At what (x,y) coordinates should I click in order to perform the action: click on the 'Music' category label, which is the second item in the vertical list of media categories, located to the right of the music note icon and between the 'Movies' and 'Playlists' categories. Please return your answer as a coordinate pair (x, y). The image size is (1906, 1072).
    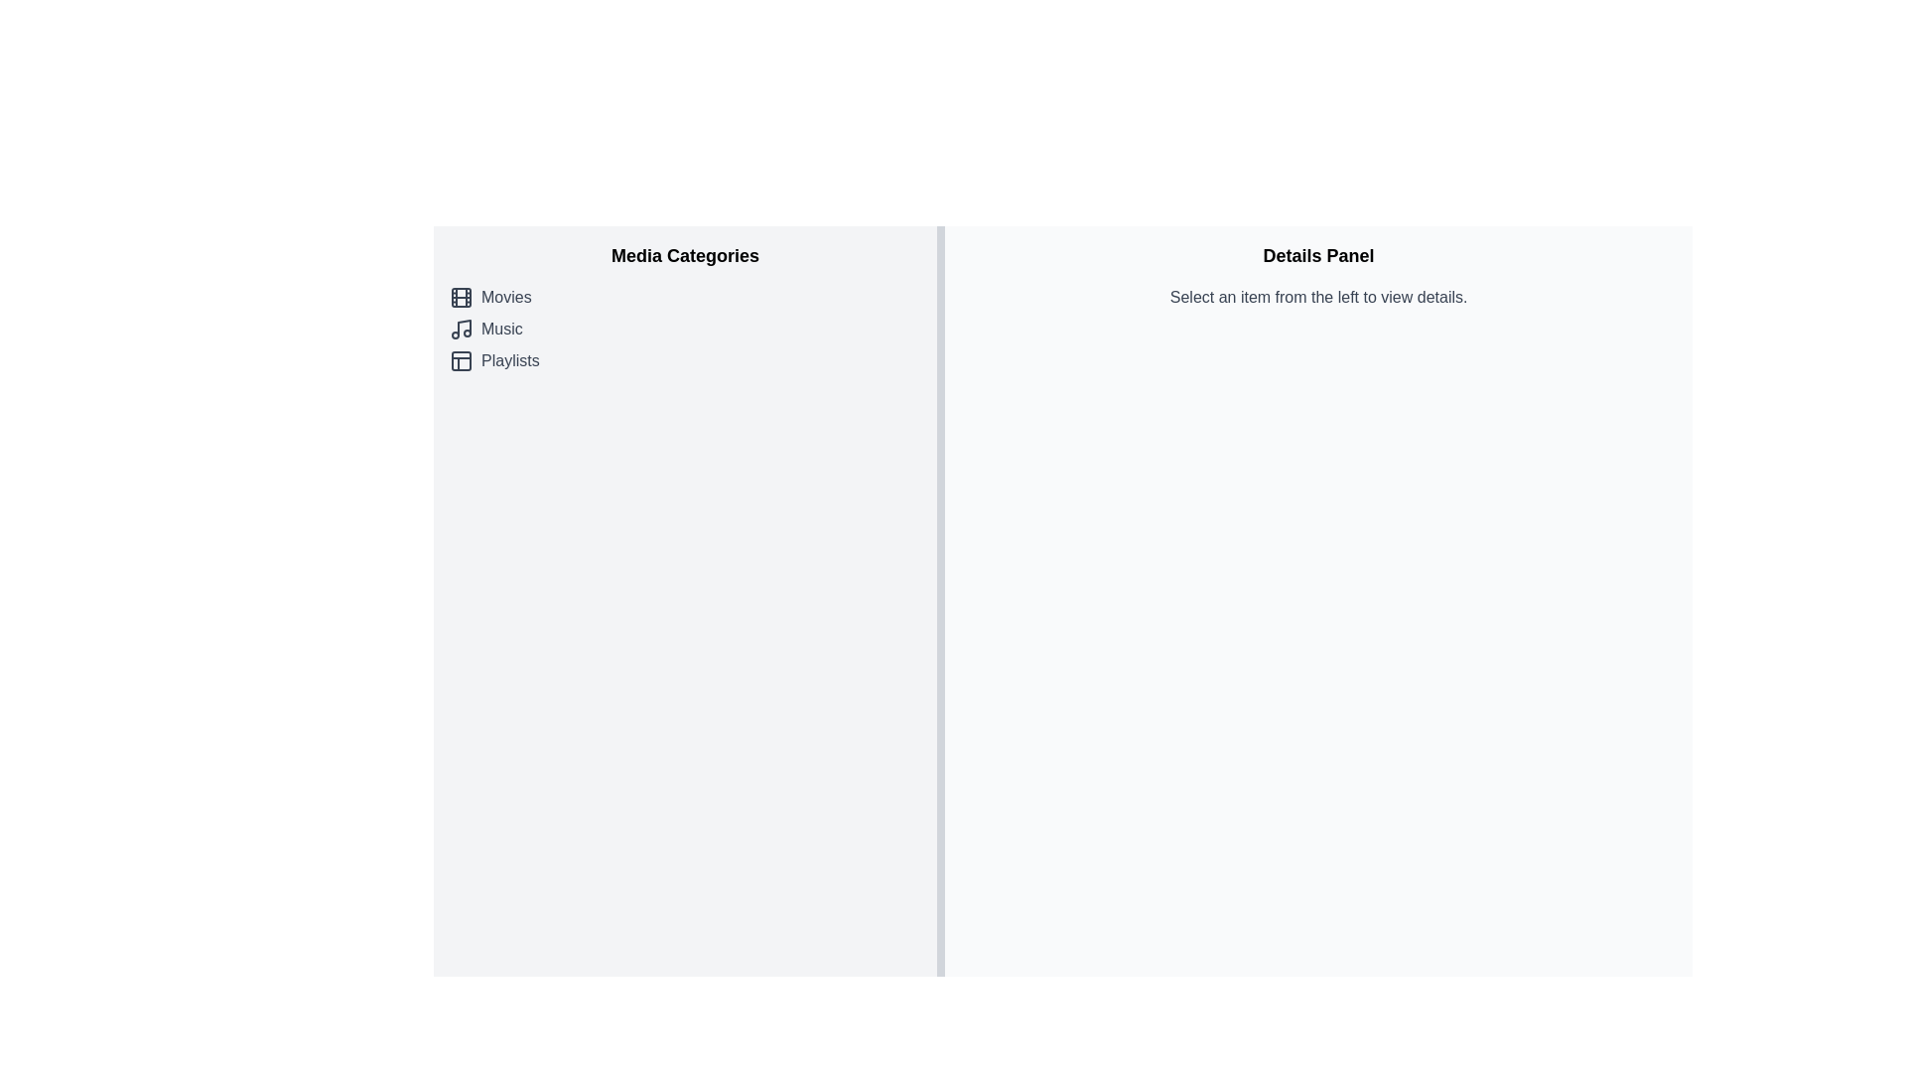
    Looking at the image, I should click on (501, 328).